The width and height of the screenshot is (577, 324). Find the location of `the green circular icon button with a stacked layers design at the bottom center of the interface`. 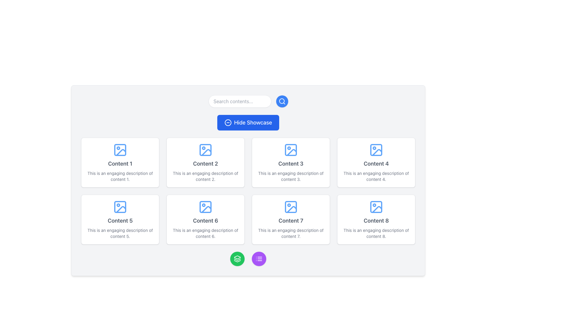

the green circular icon button with a stacked layers design at the bottom center of the interface is located at coordinates (237, 259).